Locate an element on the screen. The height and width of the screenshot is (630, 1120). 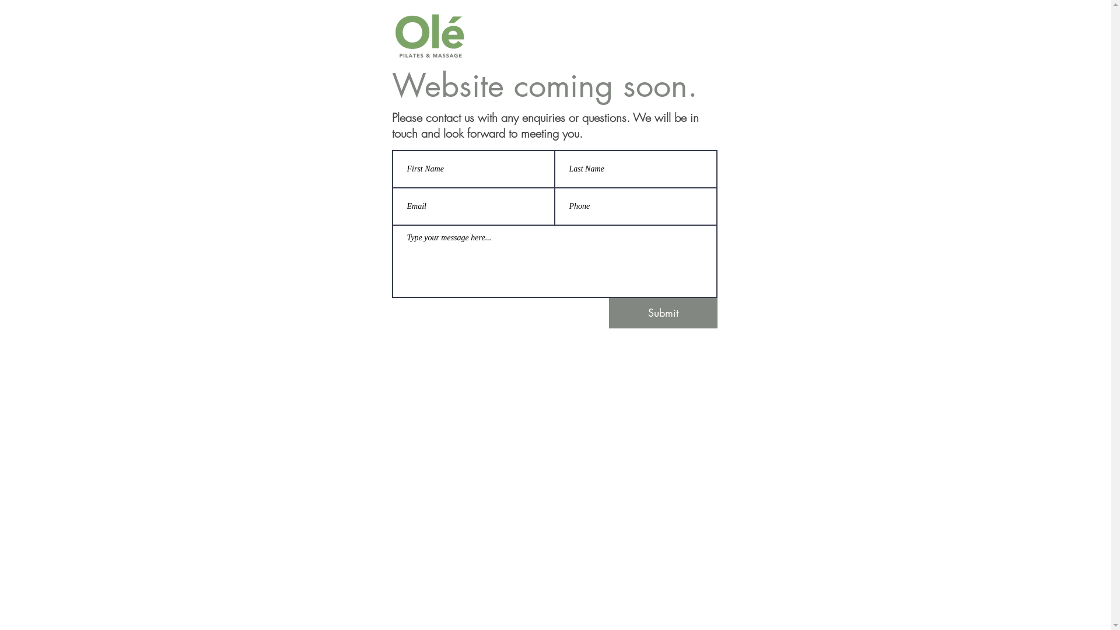
'Submit' is located at coordinates (663, 312).